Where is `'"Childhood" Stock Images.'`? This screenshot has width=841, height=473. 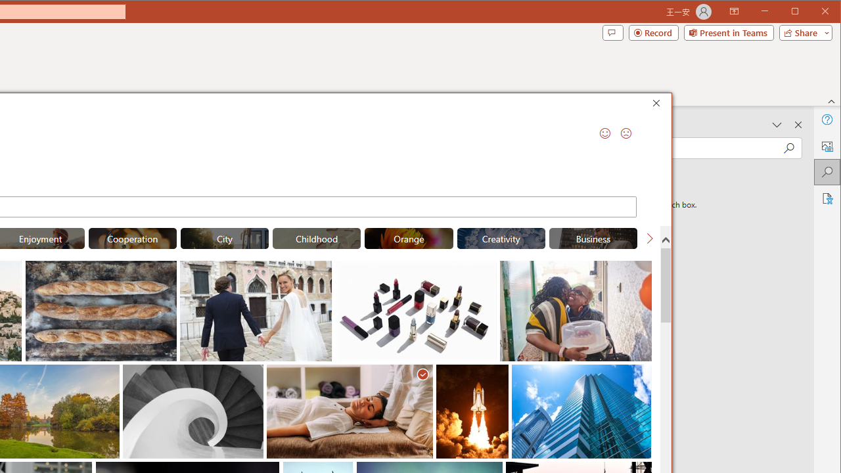 '"Childhood" Stock Images.' is located at coordinates (316, 238).